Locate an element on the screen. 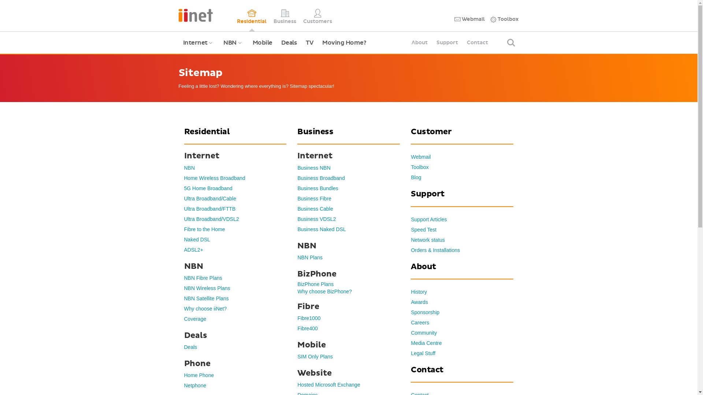 The height and width of the screenshot is (395, 703). 'Business NBN' is located at coordinates (314, 168).